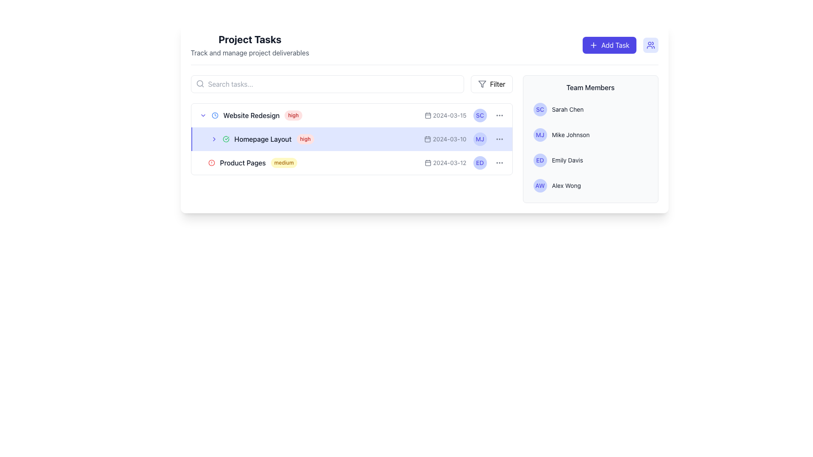 This screenshot has width=813, height=457. What do you see at coordinates (492, 84) in the screenshot?
I see `the 'Filter' button located at the top-right corner of the main content area` at bounding box center [492, 84].